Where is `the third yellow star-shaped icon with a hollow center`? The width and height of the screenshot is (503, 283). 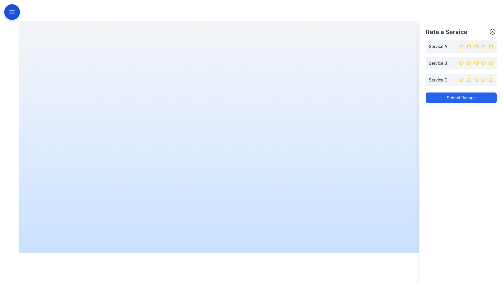
the third yellow star-shaped icon with a hollow center is located at coordinates (483, 62).